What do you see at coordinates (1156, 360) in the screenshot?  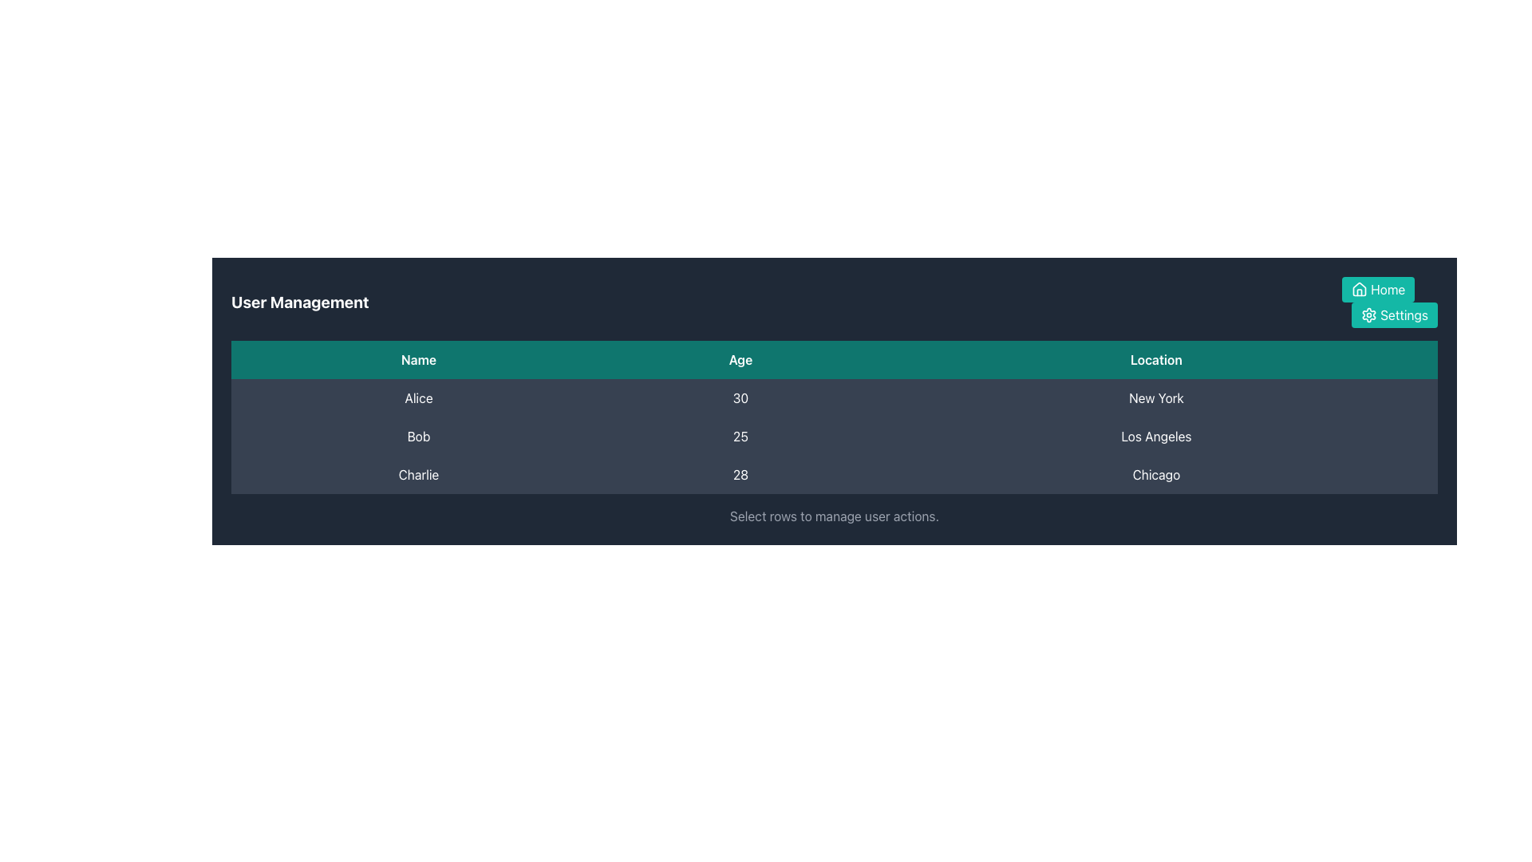 I see `the 'Location' text label which is styled with a bold font and centered alignment, located in the top-right position of the header row with a green background in a table layout` at bounding box center [1156, 360].